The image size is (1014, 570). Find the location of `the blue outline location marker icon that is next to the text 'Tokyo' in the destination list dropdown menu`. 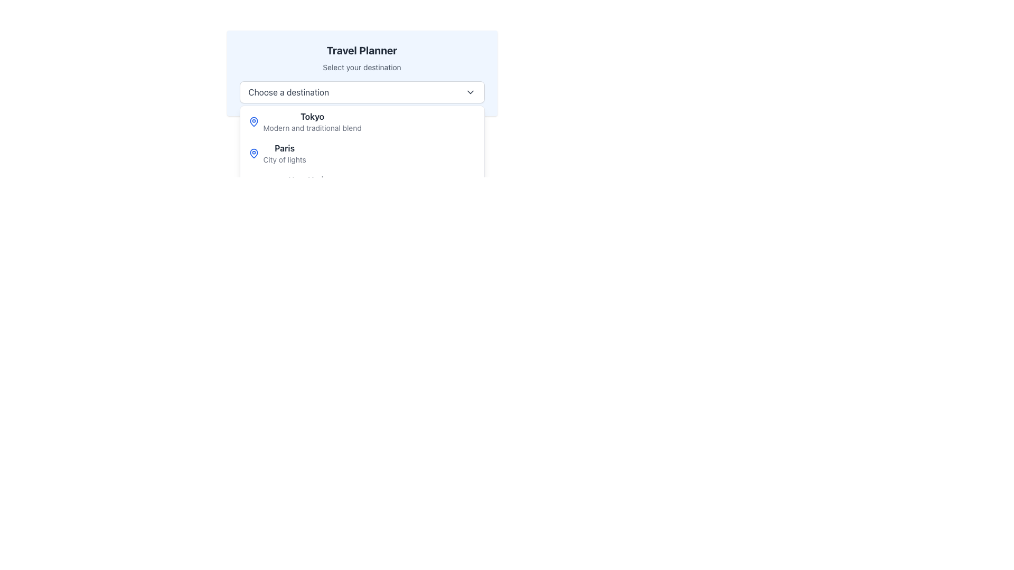

the blue outline location marker icon that is next to the text 'Tokyo' in the destination list dropdown menu is located at coordinates (253, 121).